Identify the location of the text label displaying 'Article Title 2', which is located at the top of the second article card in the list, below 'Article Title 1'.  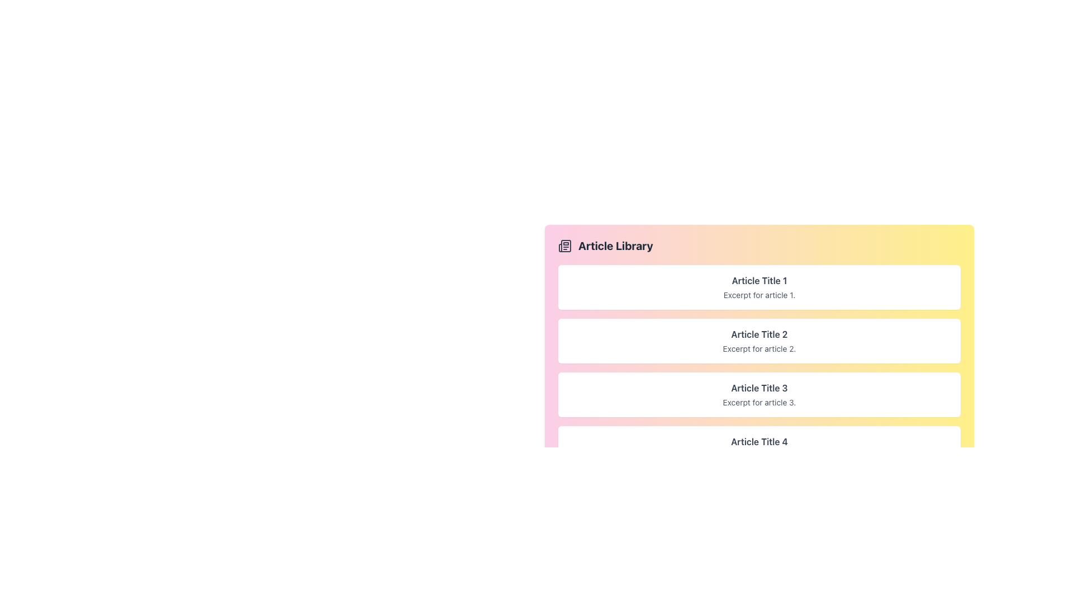
(759, 333).